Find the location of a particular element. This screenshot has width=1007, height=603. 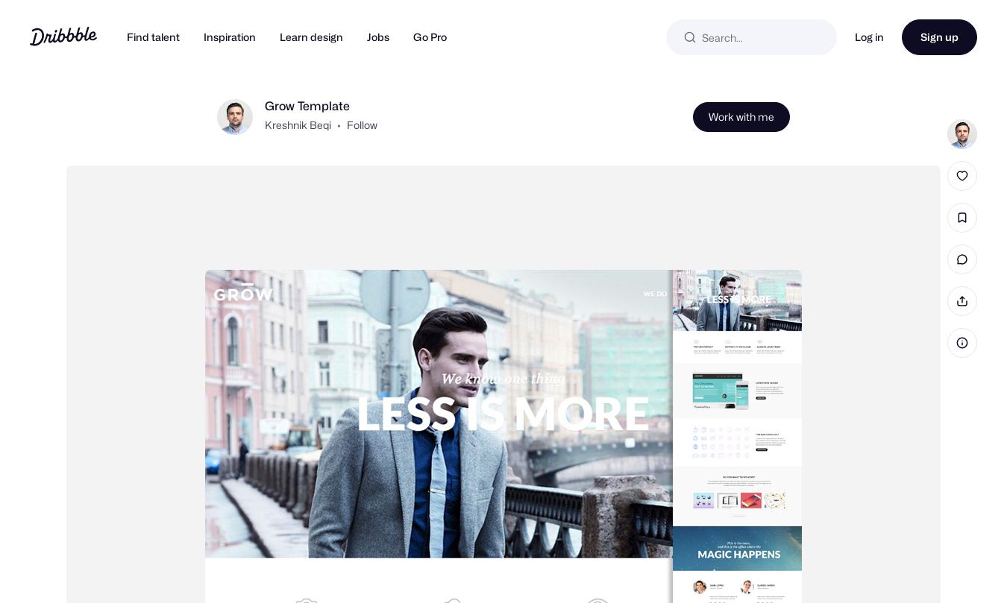

'Inspiration' is located at coordinates (202, 37).